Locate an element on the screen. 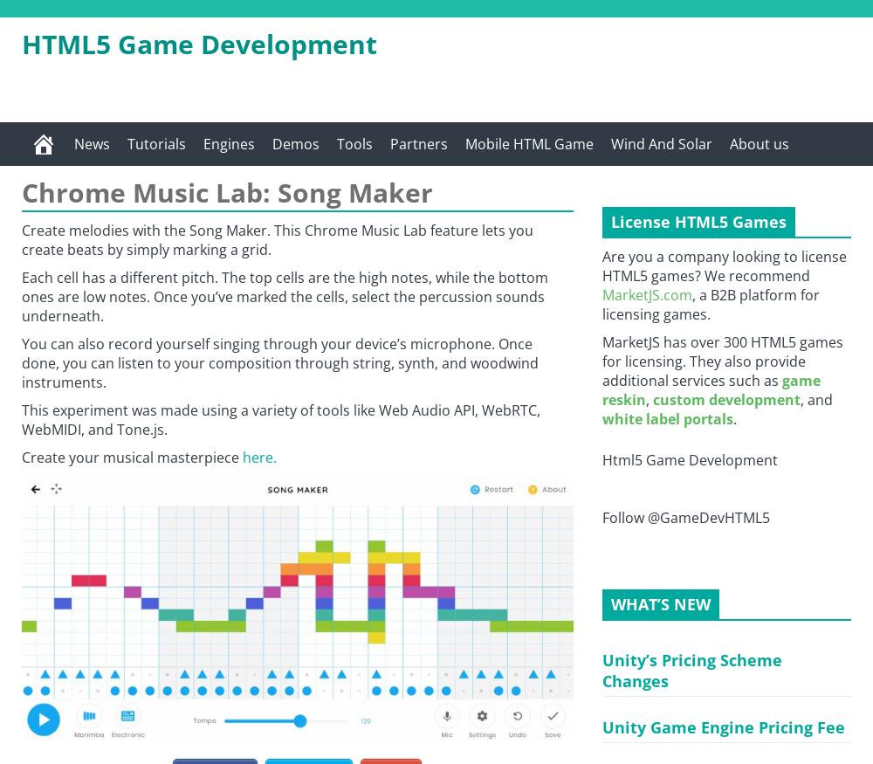 This screenshot has width=873, height=764. 'Chrome Music Lab: Song Maker' is located at coordinates (227, 192).